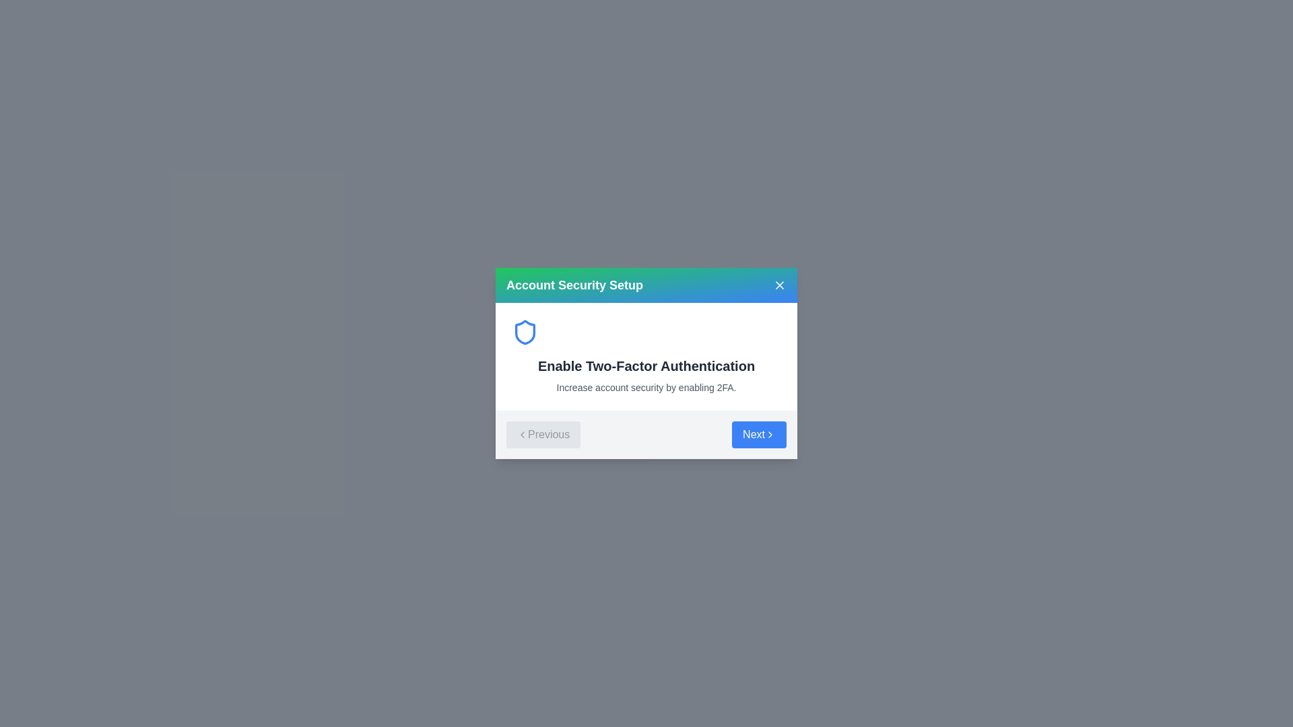 Image resolution: width=1293 pixels, height=727 pixels. I want to click on the chevron-left SVG icon located within the 'Previous' button, so click(522, 434).